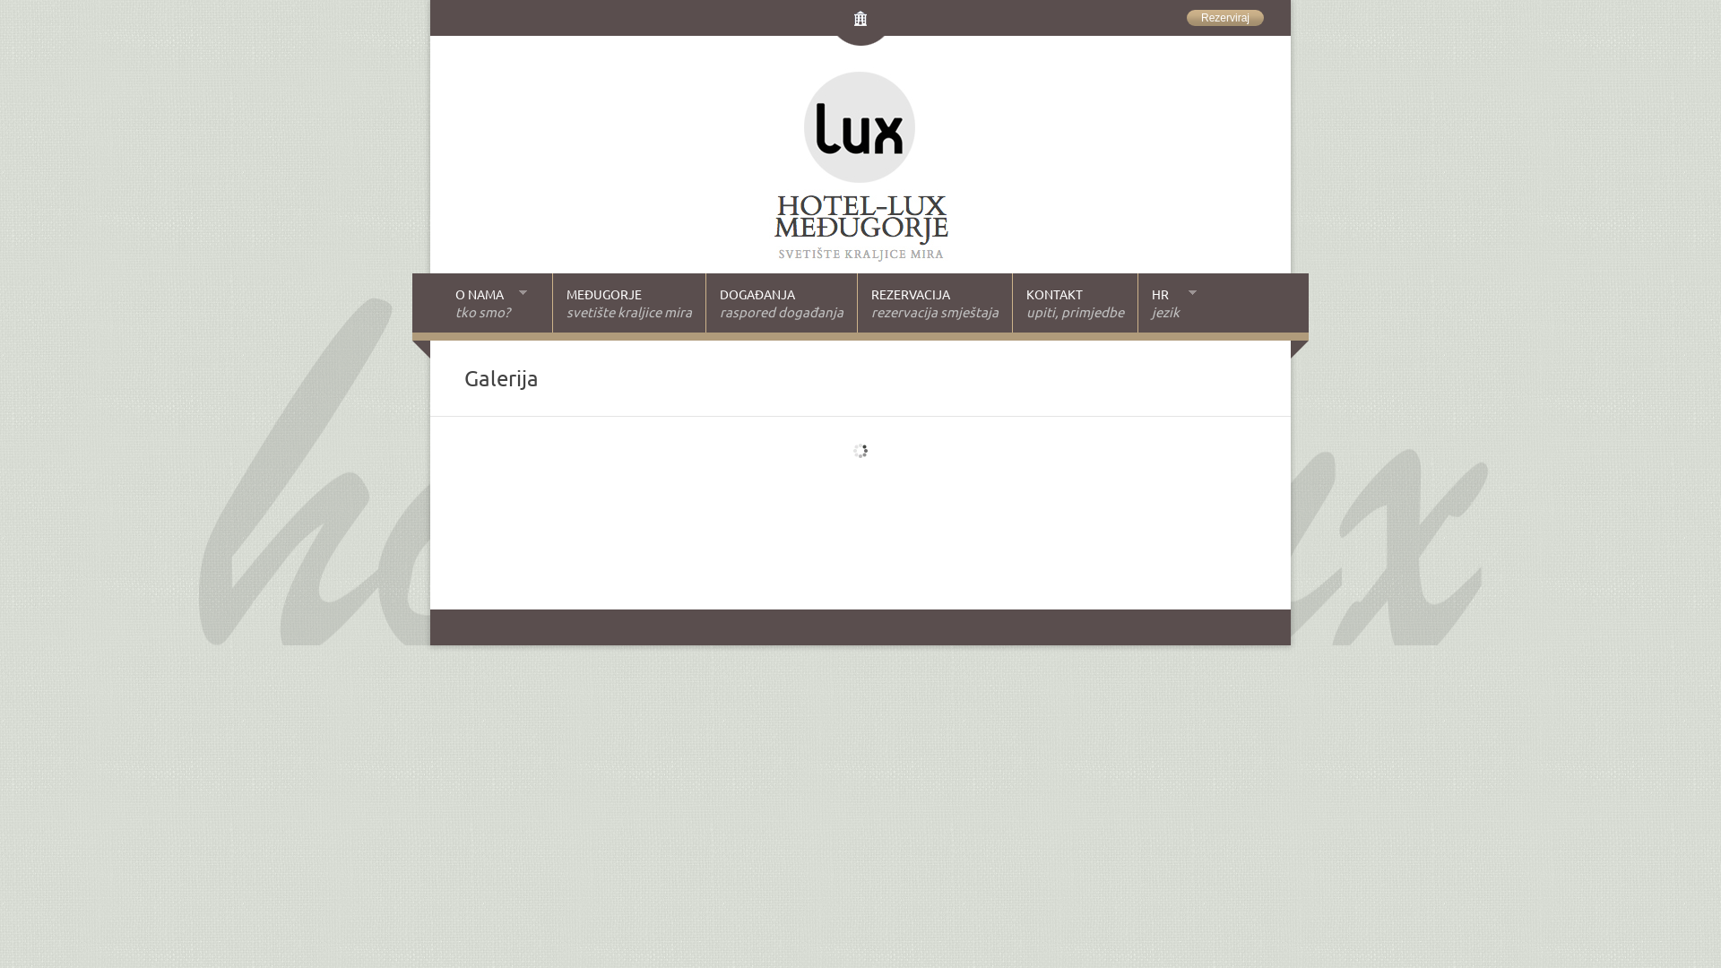 This screenshot has height=968, width=1721. What do you see at coordinates (627, 513) in the screenshot?
I see `'DSC-75'` at bounding box center [627, 513].